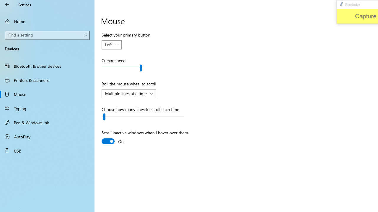 The height and width of the screenshot is (212, 378). Describe the element at coordinates (47, 66) in the screenshot. I see `'Bluetooth & other devices'` at that location.